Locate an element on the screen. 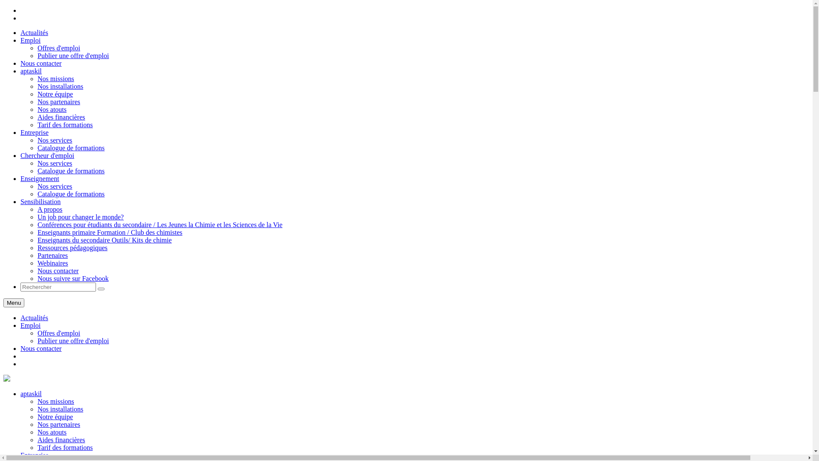  'aptaskil' is located at coordinates (31, 394).